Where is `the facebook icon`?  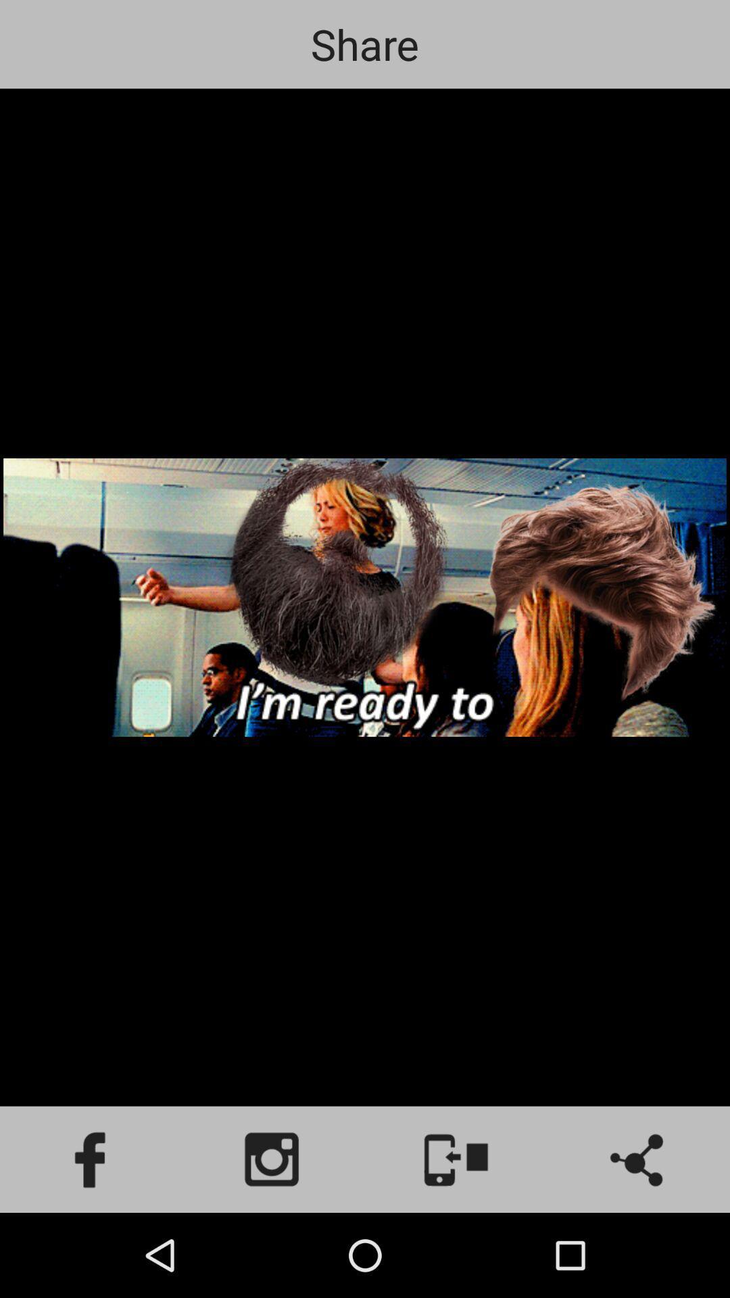
the facebook icon is located at coordinates (91, 1159).